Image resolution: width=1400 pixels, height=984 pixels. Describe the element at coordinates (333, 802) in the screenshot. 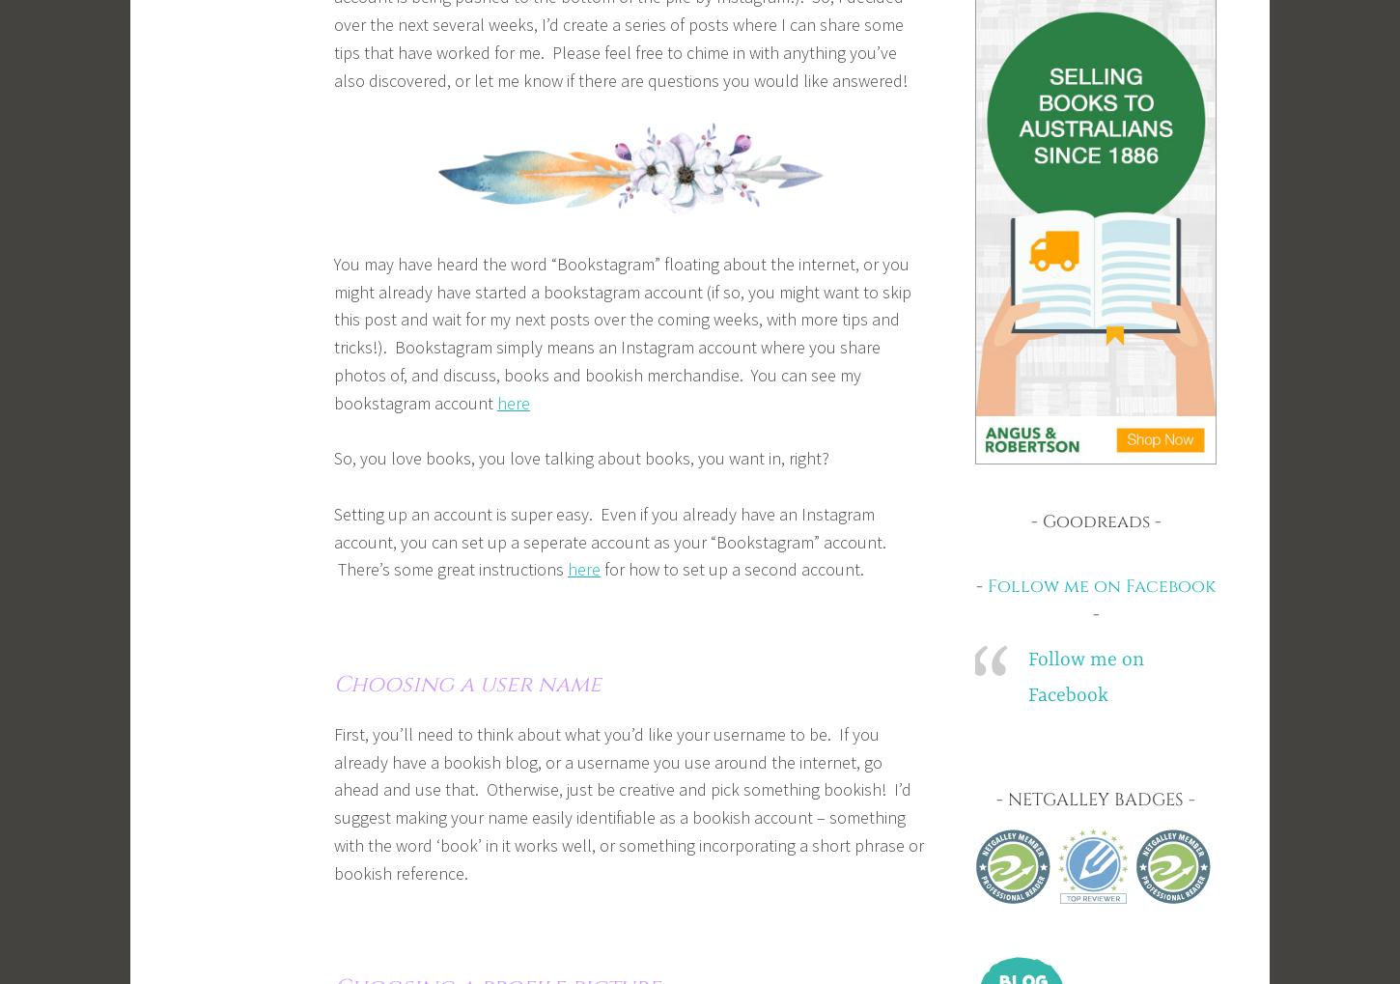

I see `'First, you’ll need to think about what you’d like your username to be.  If you already have a bookish blog, or a username you use around the internet, go ahead and use that.  Otherwise, just be creative and pick something bookish!  I’d suggest making your name easily identifiable as a bookish account – something with the word ‘book’ in it works well, or something incorporating a short phrase or bookish reference.'` at that location.